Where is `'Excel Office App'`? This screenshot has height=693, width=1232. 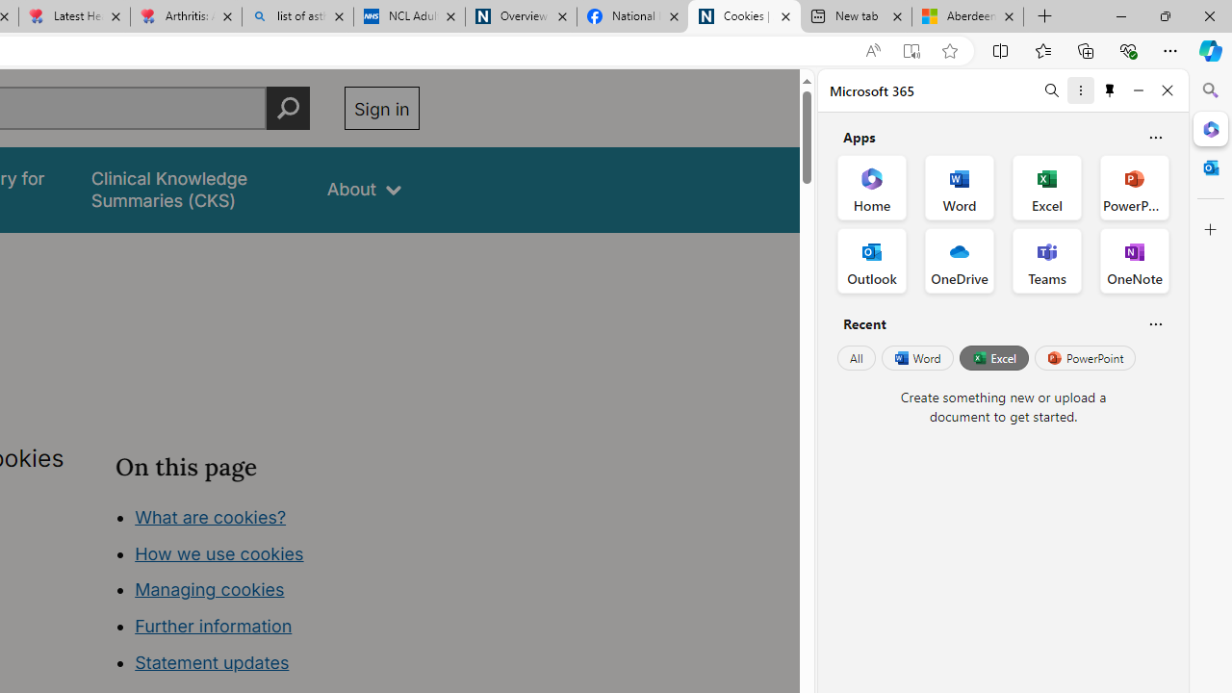 'Excel Office App' is located at coordinates (1046, 188).